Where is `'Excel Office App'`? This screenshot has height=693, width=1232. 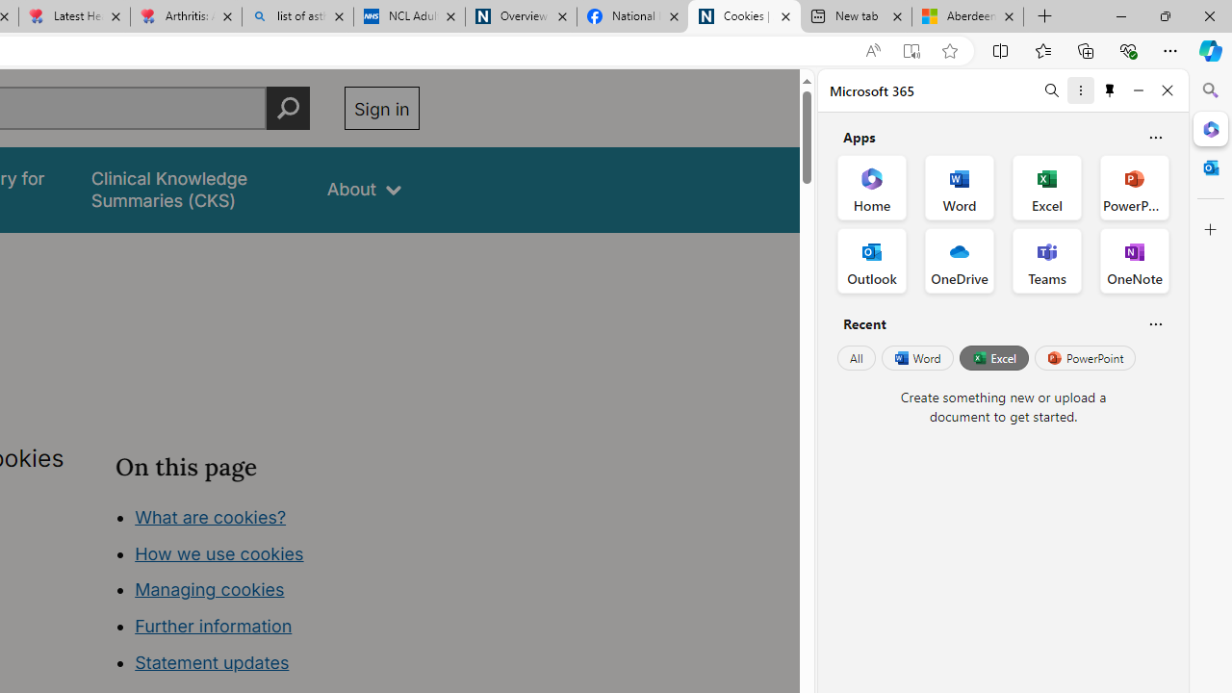 'Excel Office App' is located at coordinates (1046, 188).